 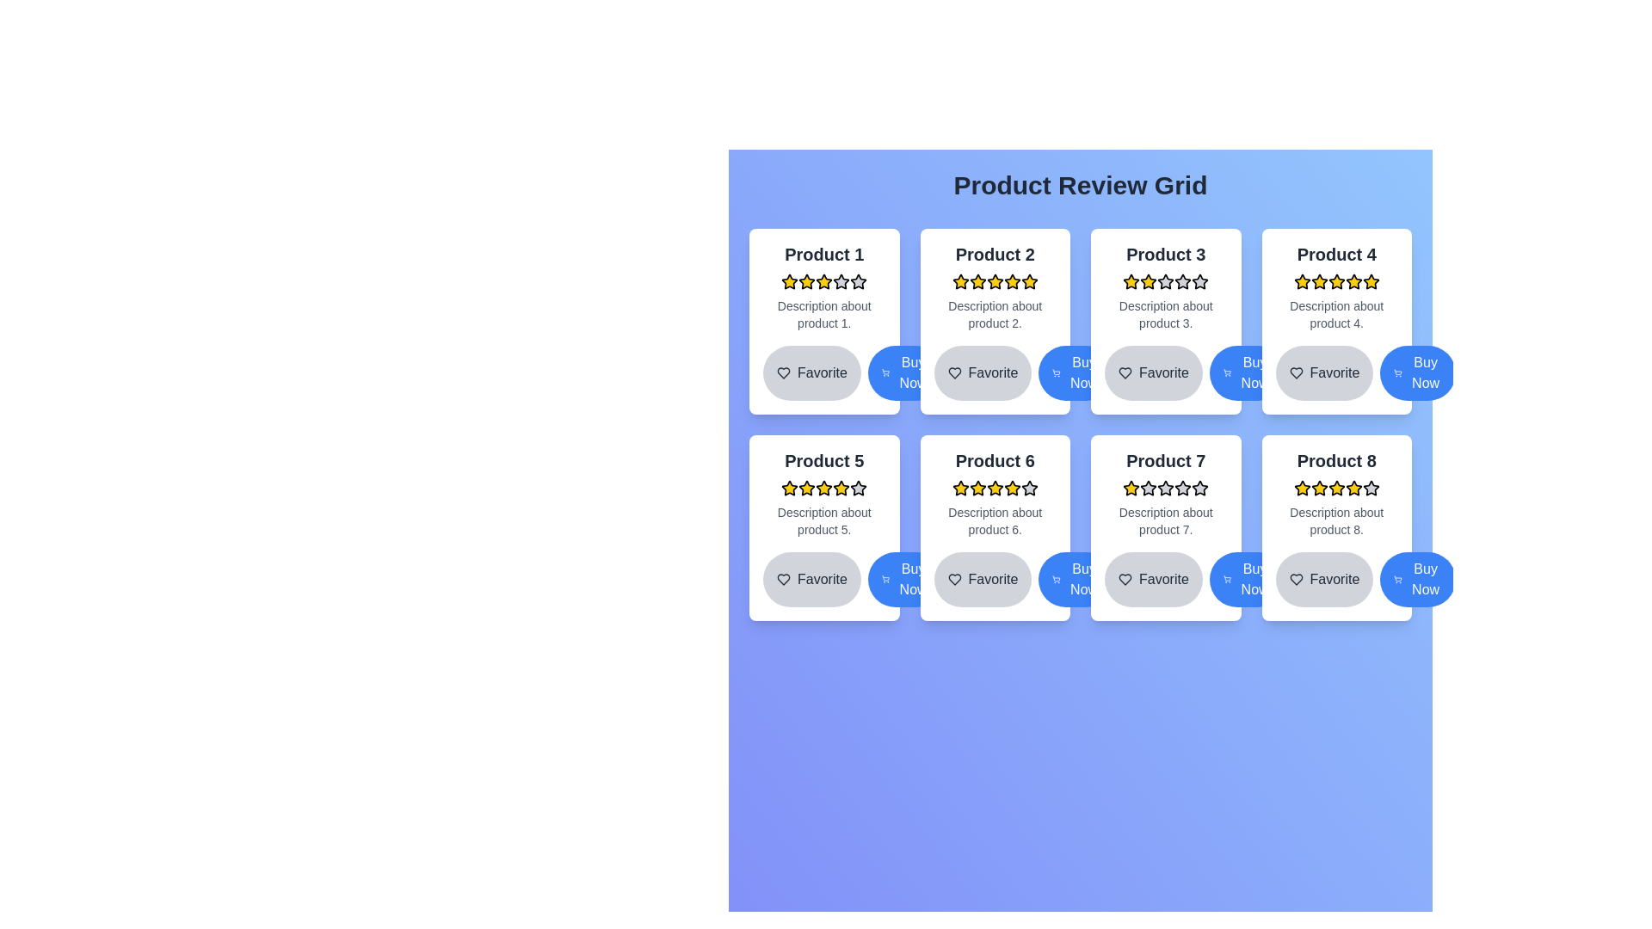 I want to click on the yellow star-shaped rating icon located in the fourth row under the card labeled 'Product 8', which is the first star from the left, so click(x=1302, y=488).